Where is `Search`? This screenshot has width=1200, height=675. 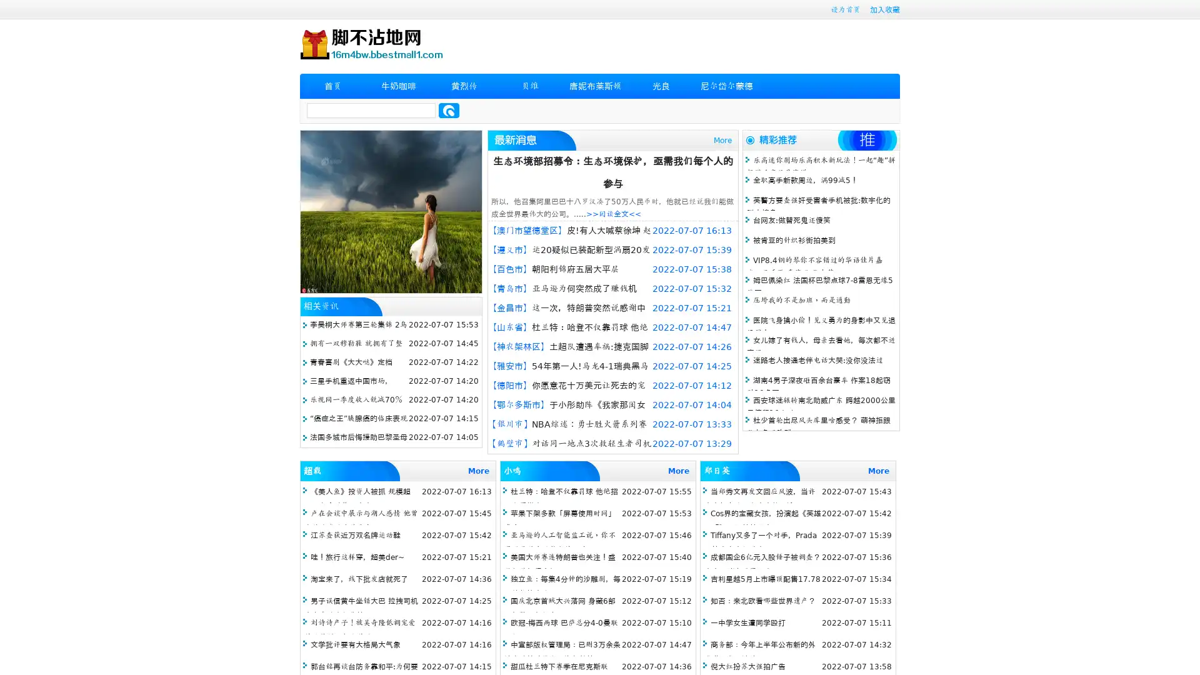 Search is located at coordinates (449, 110).